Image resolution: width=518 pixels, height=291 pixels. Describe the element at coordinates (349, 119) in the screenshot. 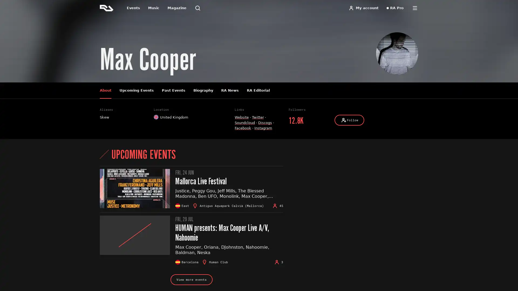

I see `Follow Follow` at that location.